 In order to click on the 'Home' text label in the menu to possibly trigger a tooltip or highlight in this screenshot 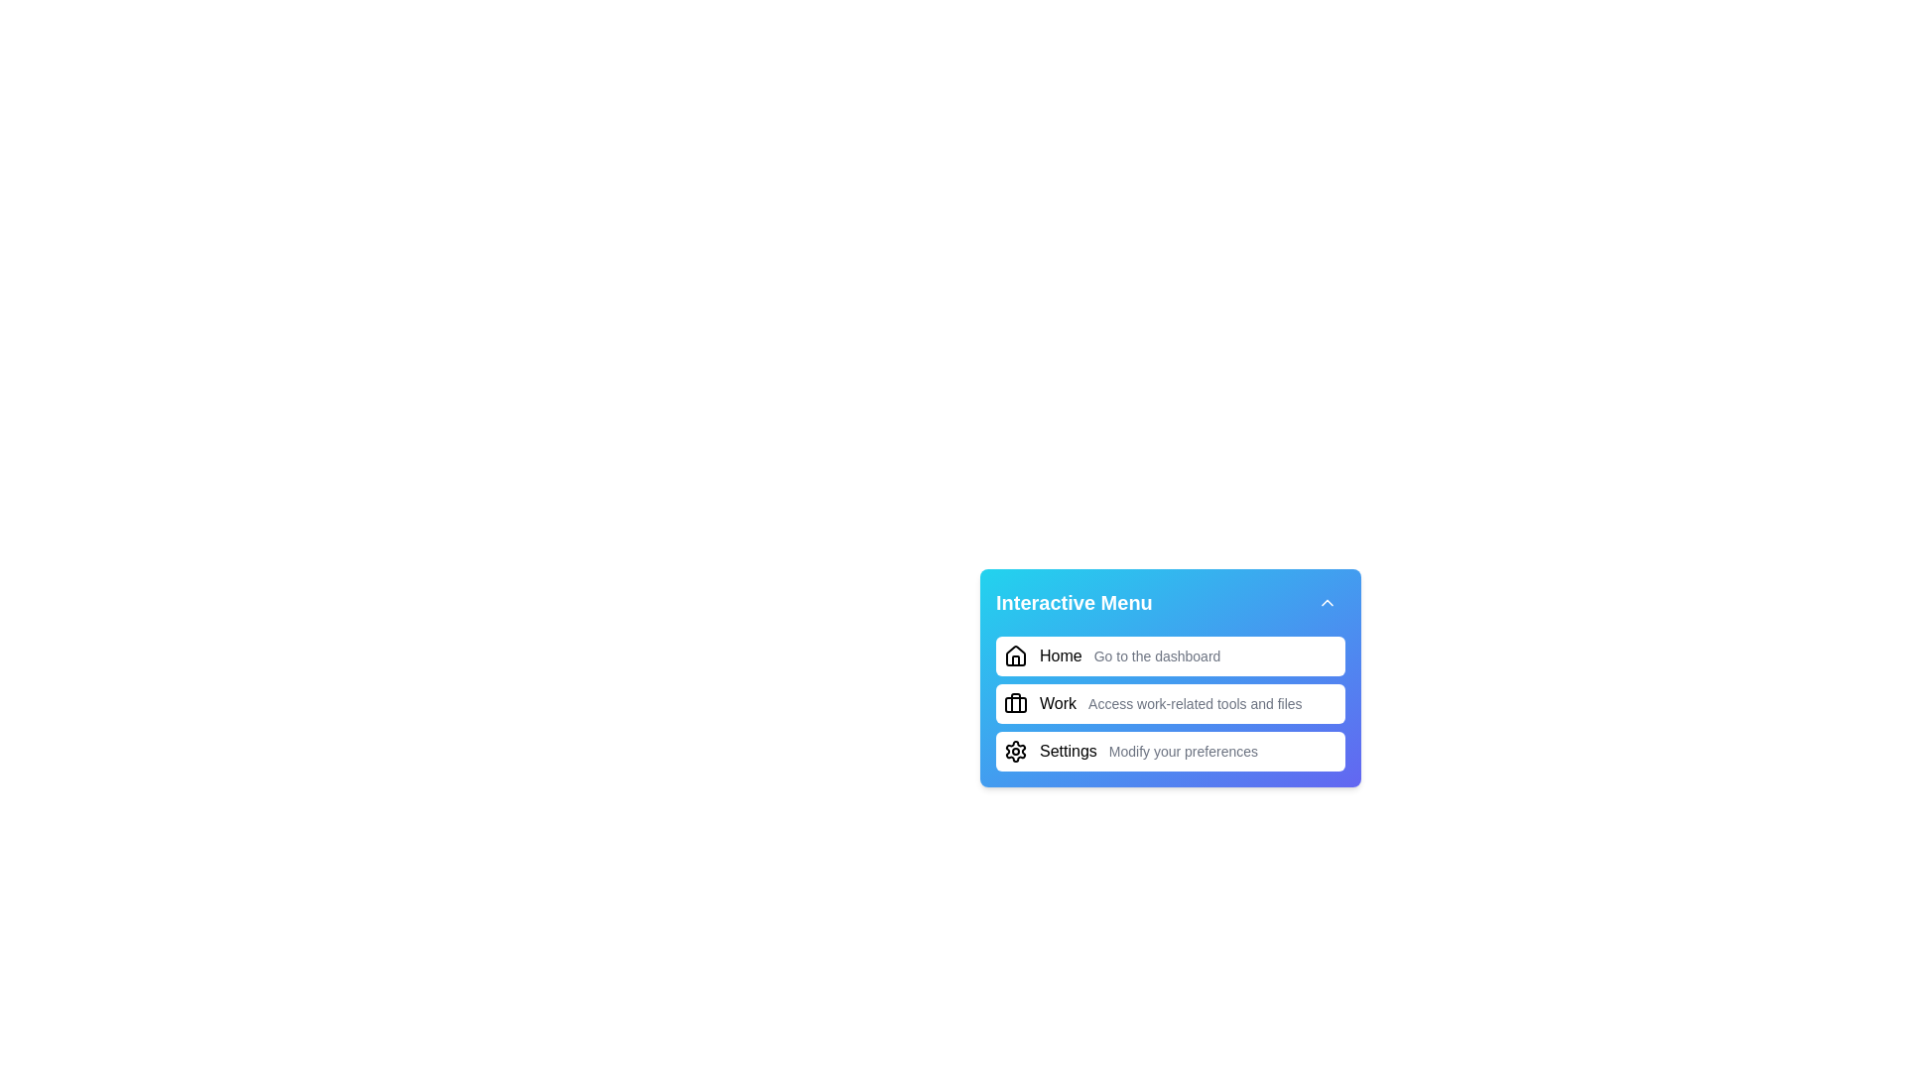, I will do `click(1060, 656)`.